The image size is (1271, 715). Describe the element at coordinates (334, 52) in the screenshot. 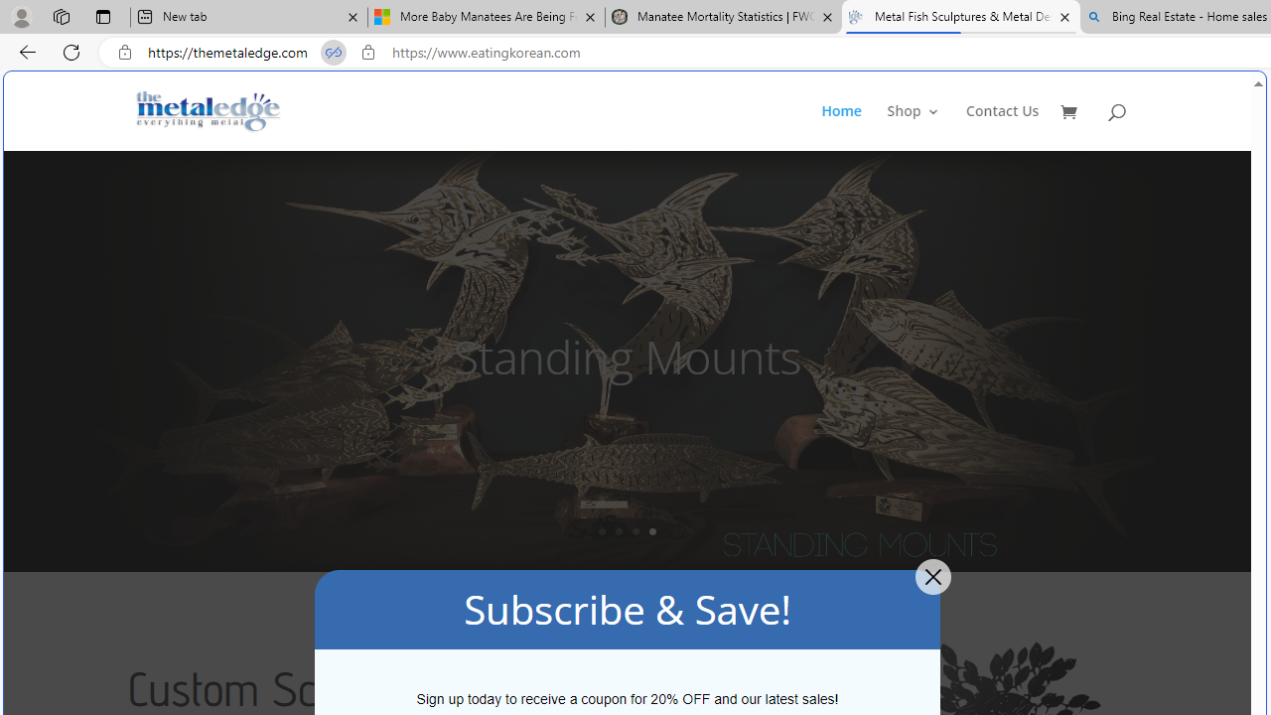

I see `'Tabs in split screen'` at that location.